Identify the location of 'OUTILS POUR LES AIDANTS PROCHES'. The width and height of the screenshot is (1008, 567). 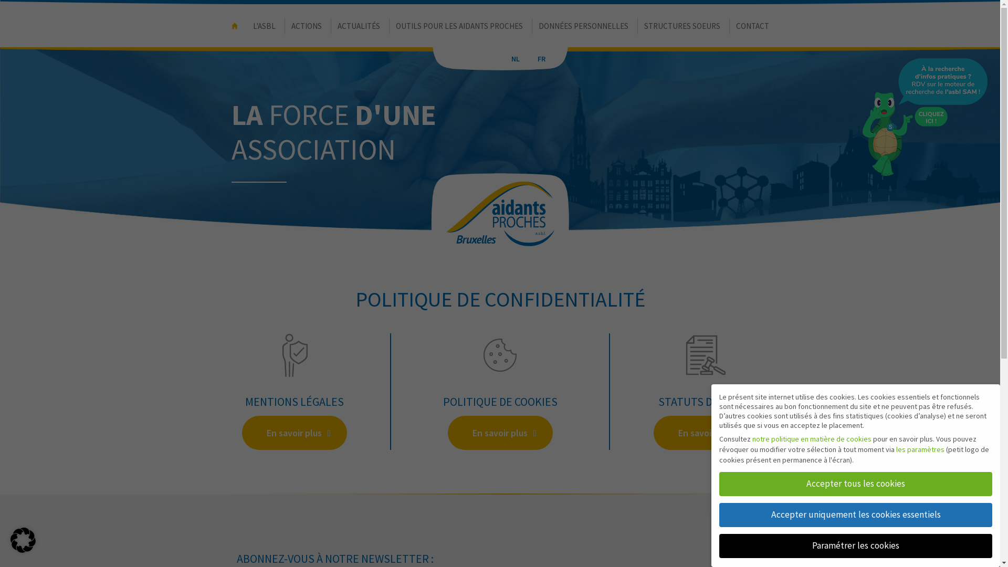
(459, 24).